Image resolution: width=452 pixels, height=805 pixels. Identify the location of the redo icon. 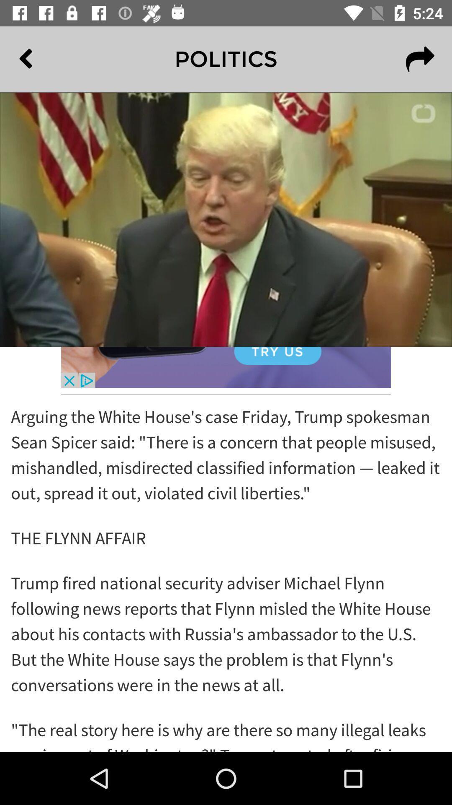
(420, 59).